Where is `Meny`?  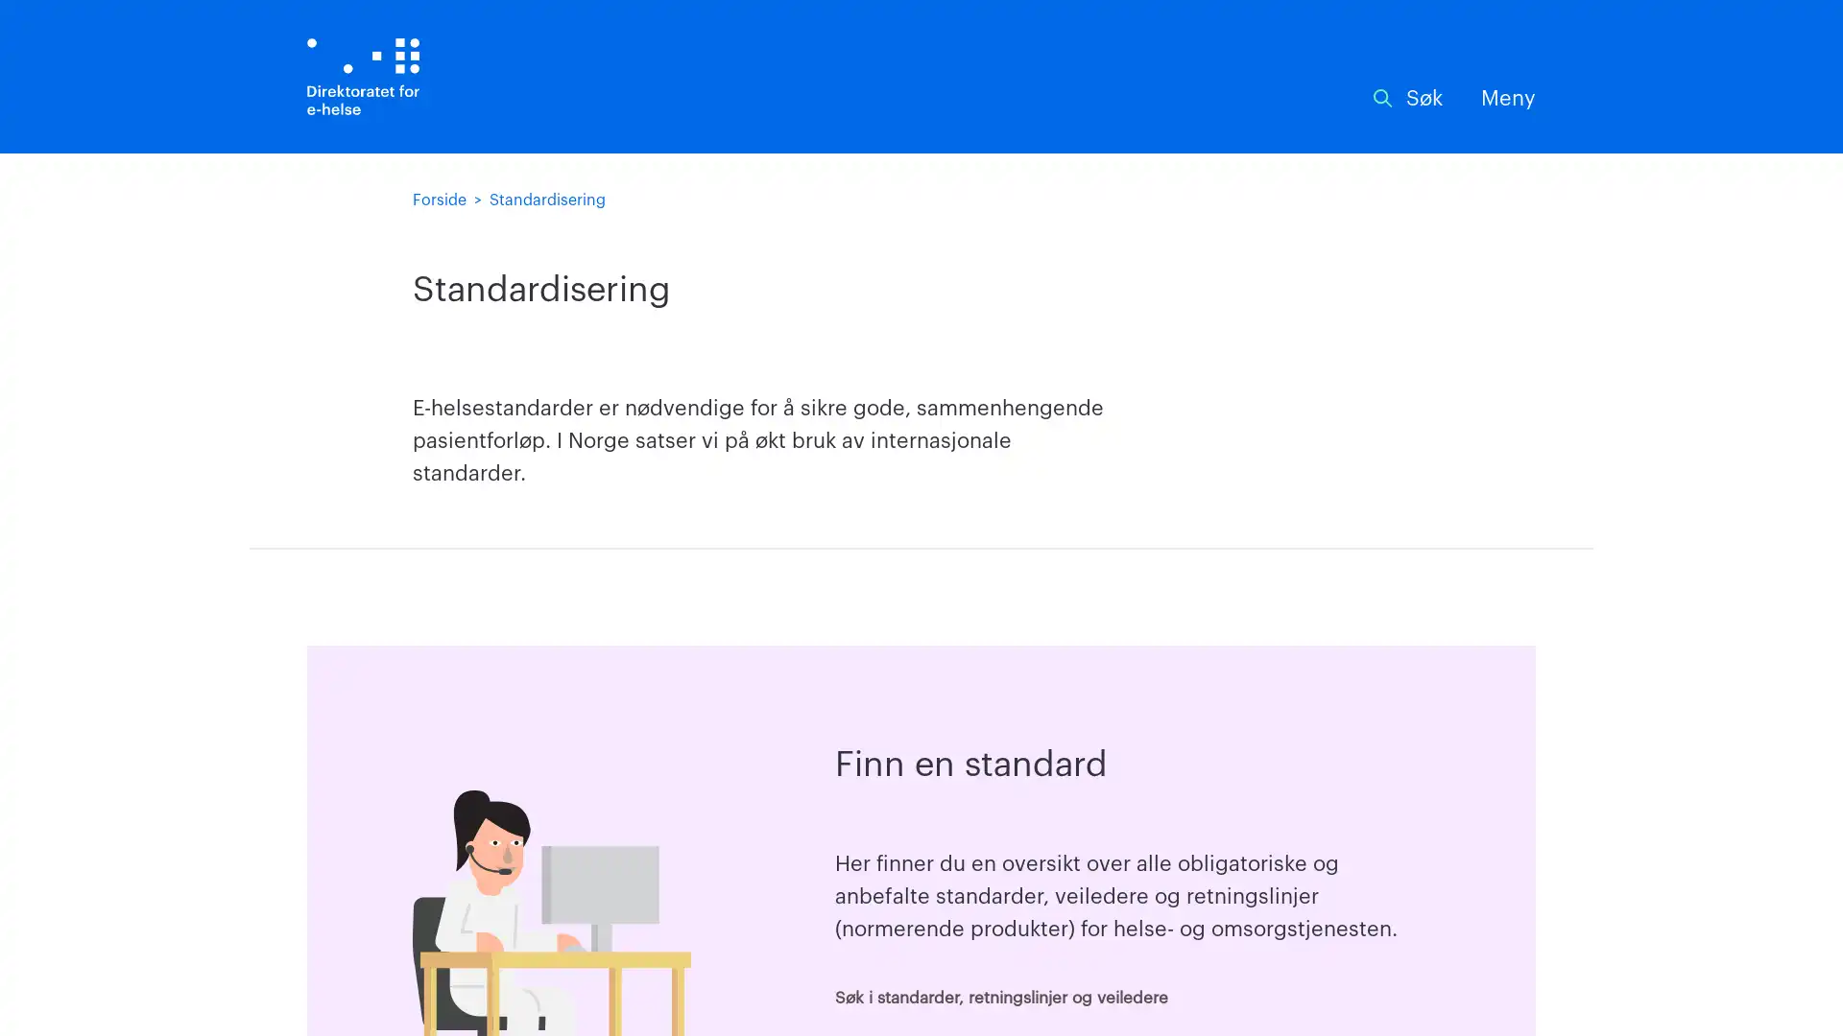
Meny is located at coordinates (1507, 99).